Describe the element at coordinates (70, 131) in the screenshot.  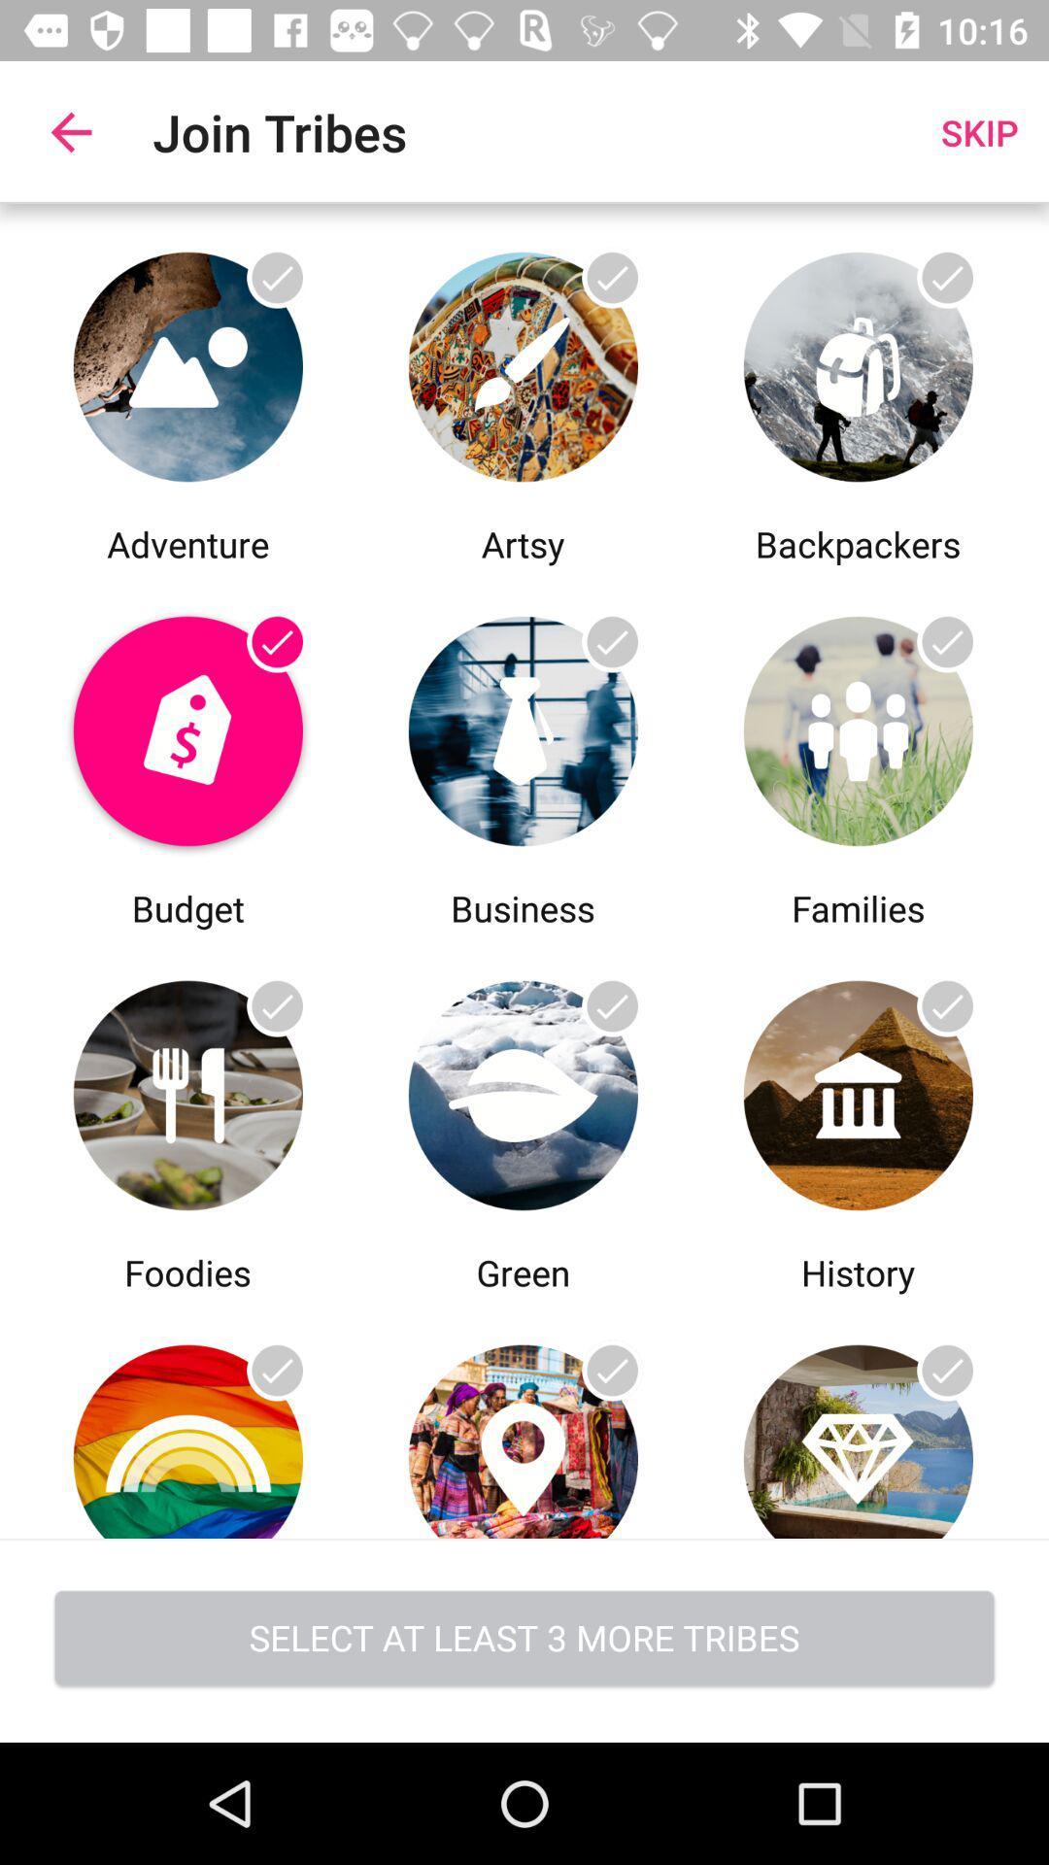
I see `app to the left of join tribes item` at that location.